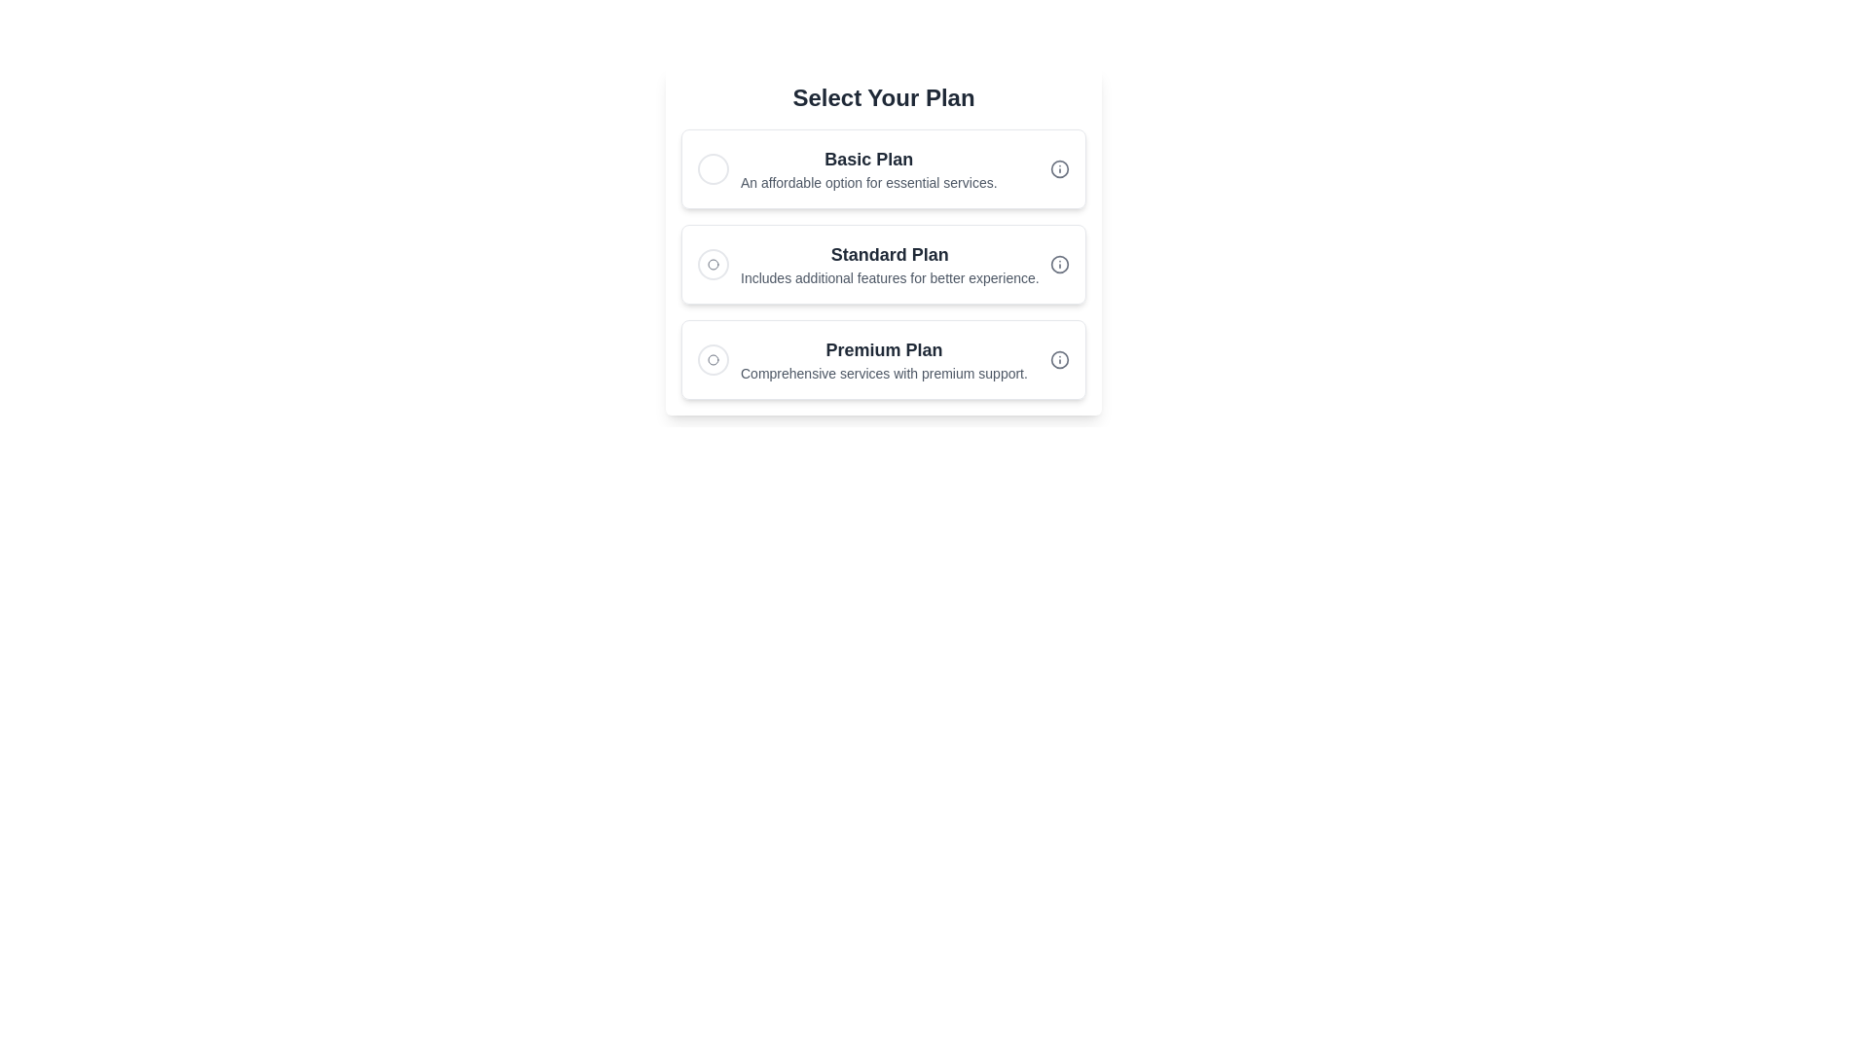 The width and height of the screenshot is (1869, 1051). What do you see at coordinates (1059, 265) in the screenshot?
I see `the decorative Circle graphic within the SVG element located next to the 'Standard Plan' option` at bounding box center [1059, 265].